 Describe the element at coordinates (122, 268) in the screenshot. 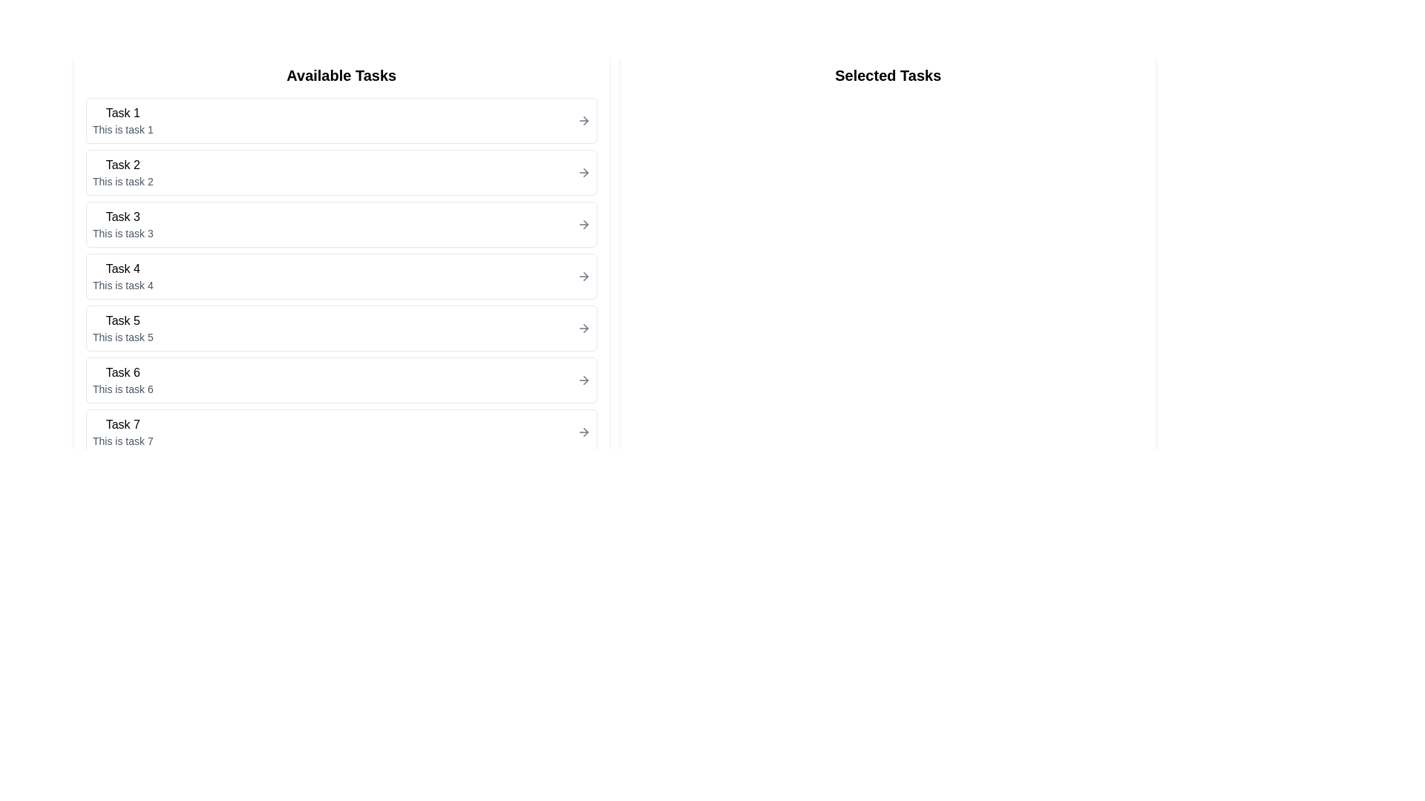

I see `the Text Label that identifies 'Task 4', located in the fourth item of the 'Available Tasks' section on the left-hand side of the interface` at that location.